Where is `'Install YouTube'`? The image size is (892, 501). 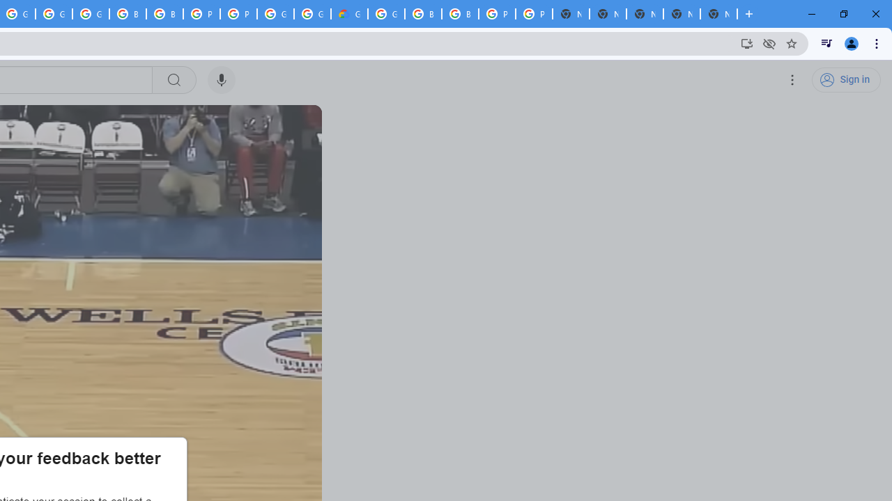 'Install YouTube' is located at coordinates (746, 42).